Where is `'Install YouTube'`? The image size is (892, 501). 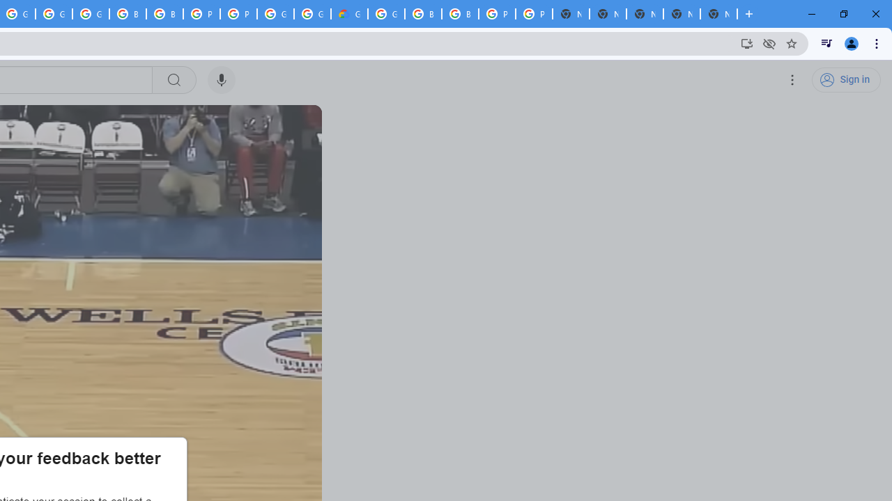 'Install YouTube' is located at coordinates (746, 42).